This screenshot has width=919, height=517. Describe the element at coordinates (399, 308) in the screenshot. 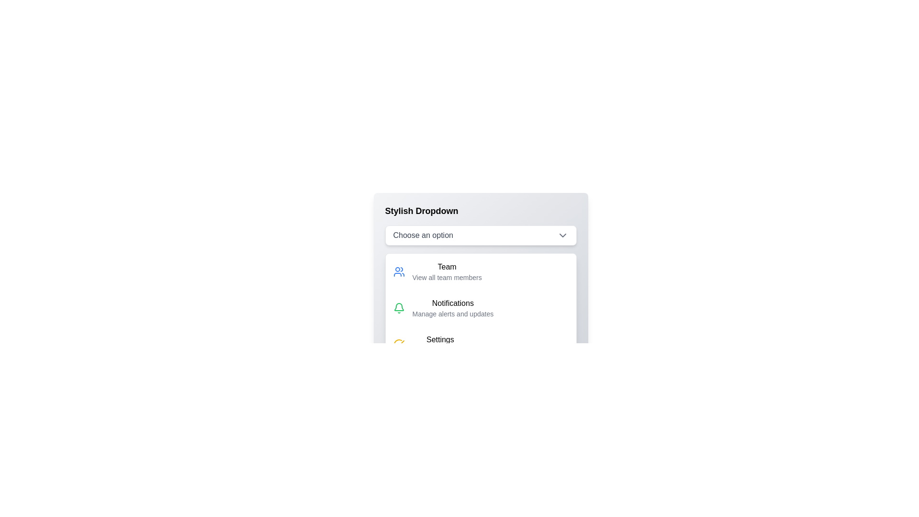

I see `the green outlined bell icon located to the left of the 'Notifications' text in the dropdown menu` at that location.